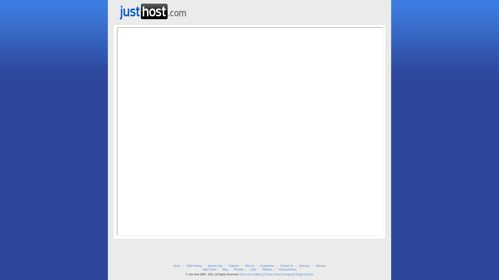 This screenshot has height=280, width=499. I want to click on 'Directory', so click(304, 266).